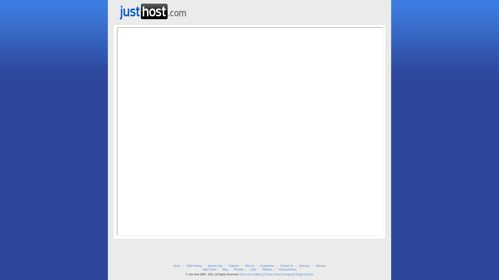 This screenshot has height=280, width=499. I want to click on 'Directory', so click(304, 266).